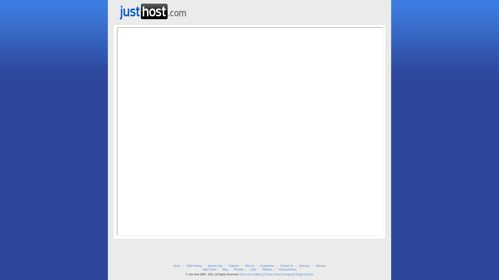 This screenshot has height=280, width=499. I want to click on 'Directory', so click(304, 266).